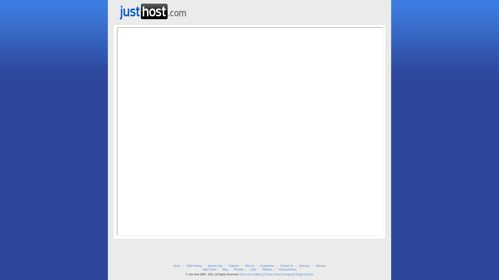 This screenshot has height=280, width=499. I want to click on 'Directory', so click(304, 266).